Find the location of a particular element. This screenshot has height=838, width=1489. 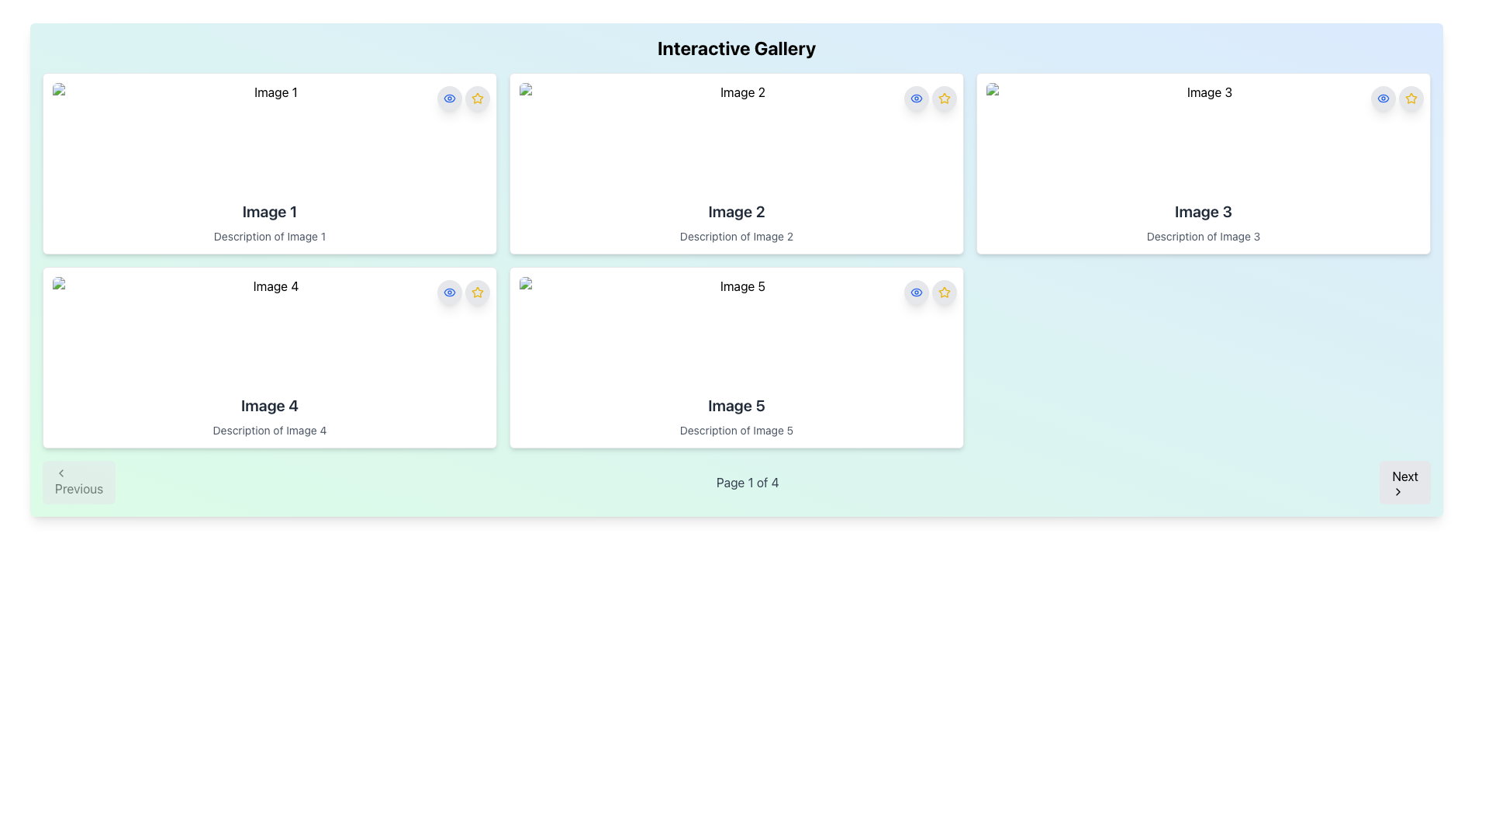

the 'favorite' button with a star icon in the top-right corner of the 'Image 3' card in the interactive gallery is located at coordinates (1411, 99).